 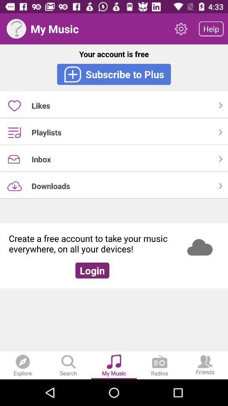 What do you see at coordinates (180, 29) in the screenshot?
I see `the icon next to the help icon` at bounding box center [180, 29].